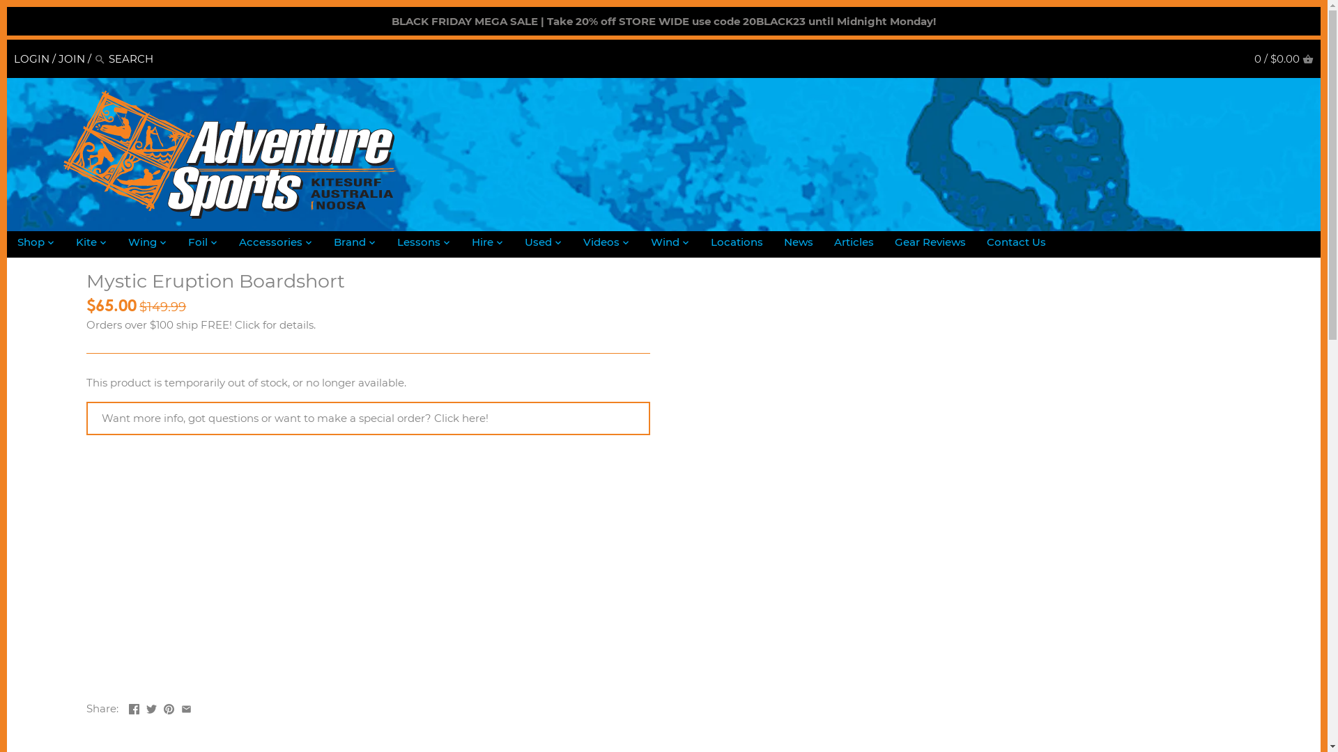 Image resolution: width=1338 pixels, height=752 pixels. What do you see at coordinates (323, 244) in the screenshot?
I see `'Brand'` at bounding box center [323, 244].